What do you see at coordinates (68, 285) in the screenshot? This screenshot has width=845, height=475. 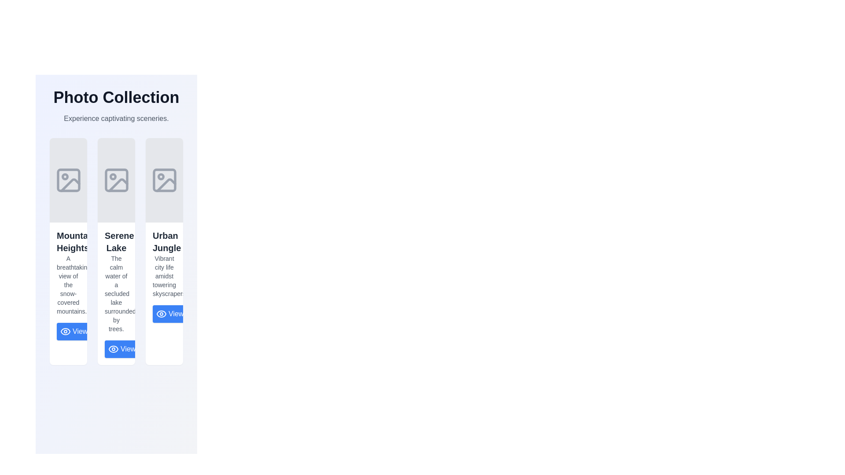 I see `the text section that presents a heading and description of a scenic photo, located` at bounding box center [68, 285].